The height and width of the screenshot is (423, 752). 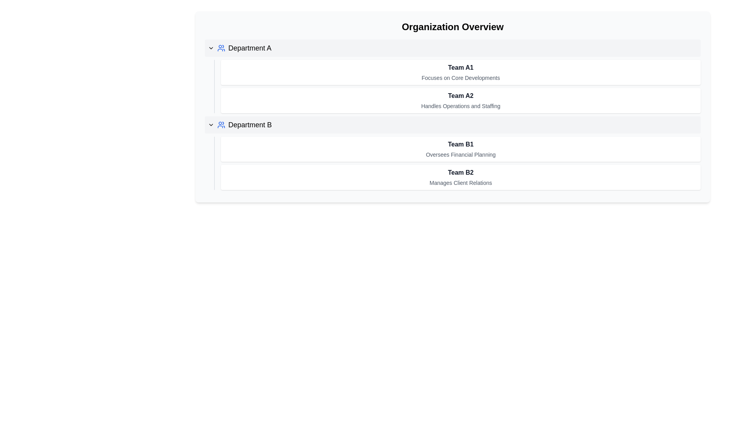 What do you see at coordinates (461, 145) in the screenshot?
I see `the static text label displaying 'Team B1', which is bold, dark gray, and located within the 'Department B' section` at bounding box center [461, 145].